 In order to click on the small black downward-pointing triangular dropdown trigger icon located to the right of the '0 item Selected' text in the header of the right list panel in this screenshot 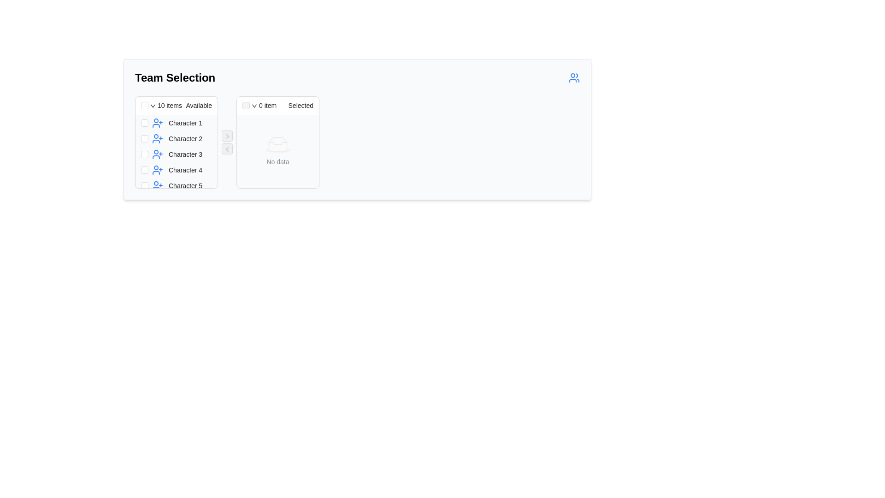, I will do `click(254, 106)`.